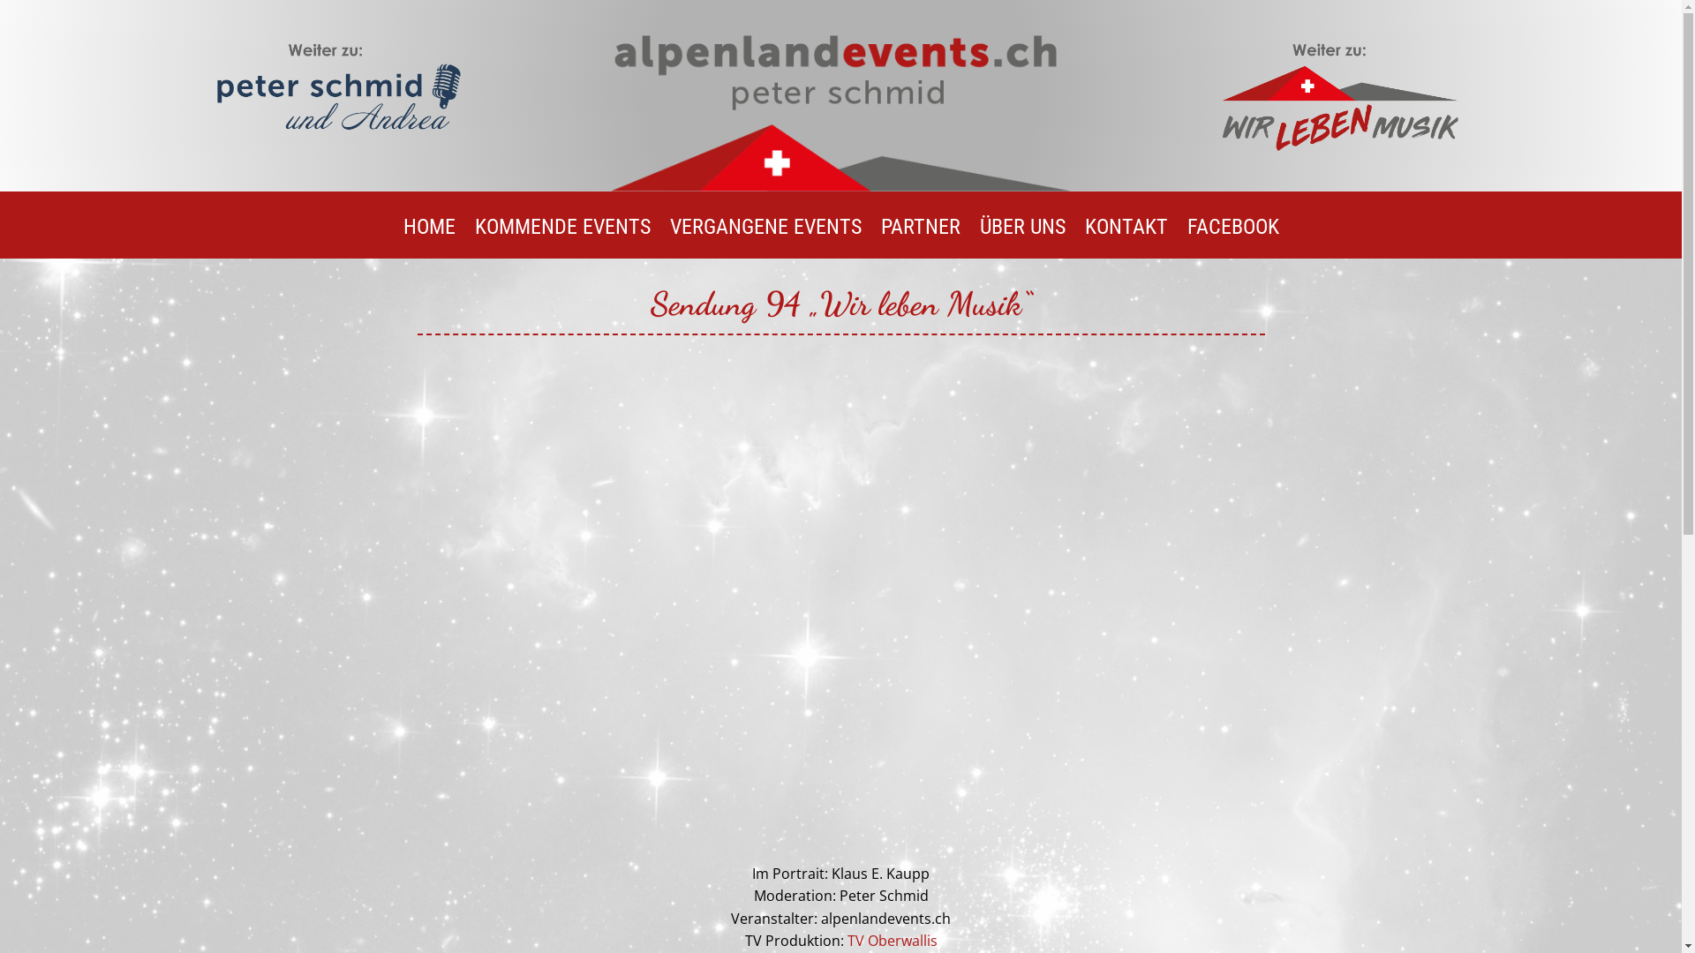 The image size is (1695, 953). What do you see at coordinates (919, 239) in the screenshot?
I see `'PARTNER'` at bounding box center [919, 239].